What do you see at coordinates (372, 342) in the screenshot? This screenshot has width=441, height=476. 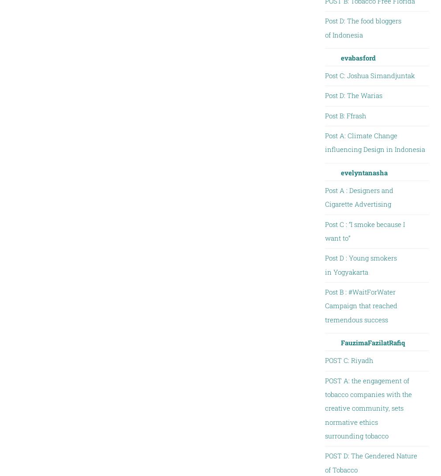 I see `'FauzimaFazilatRafiq'` at bounding box center [372, 342].